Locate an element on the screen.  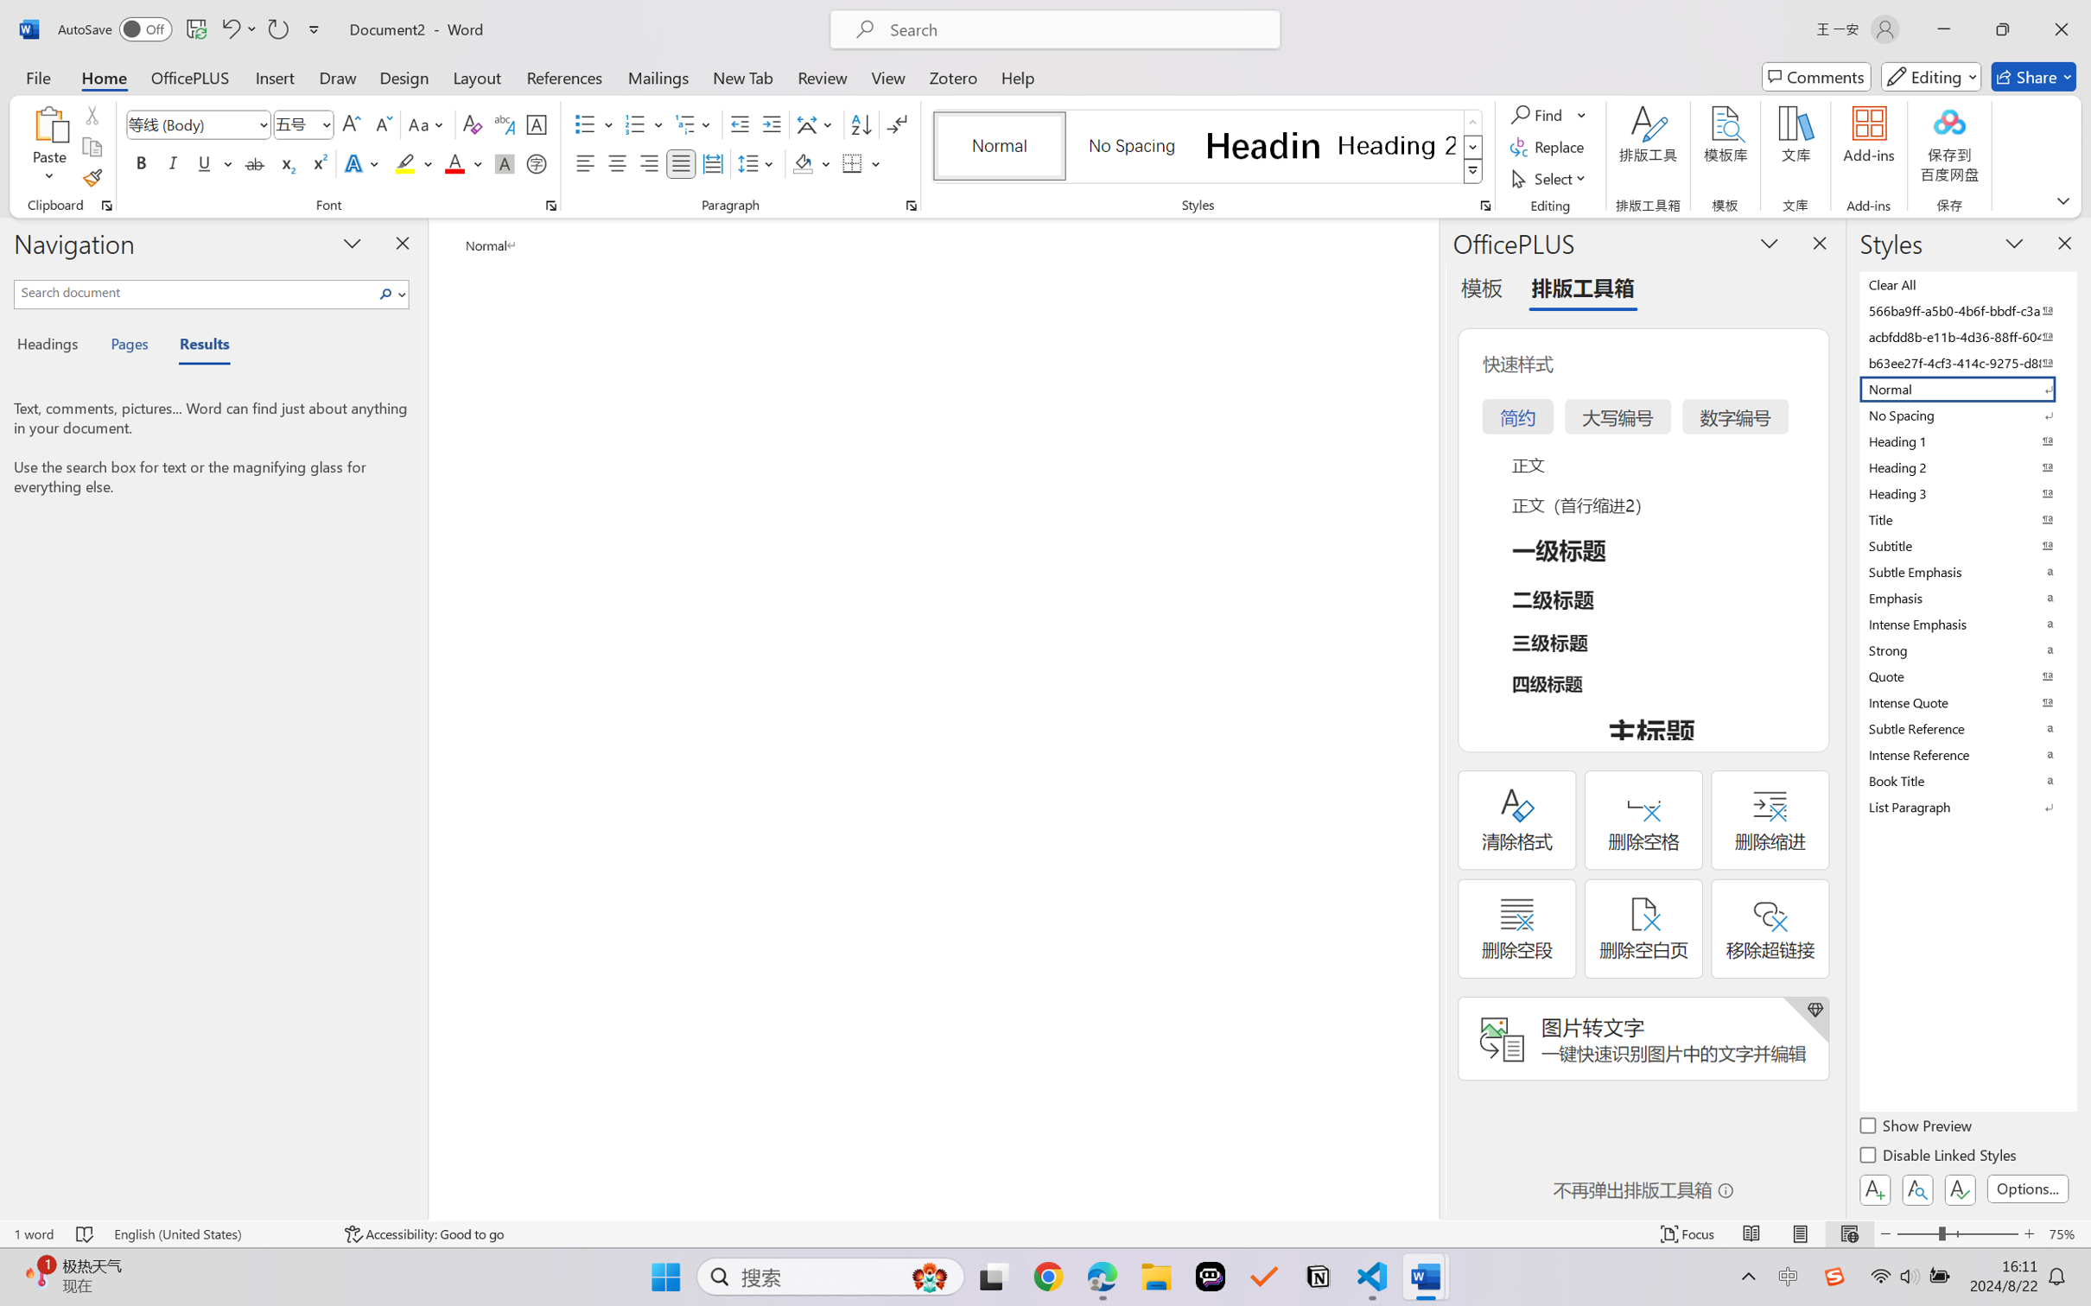
'Enclose Characters...' is located at coordinates (537, 162).